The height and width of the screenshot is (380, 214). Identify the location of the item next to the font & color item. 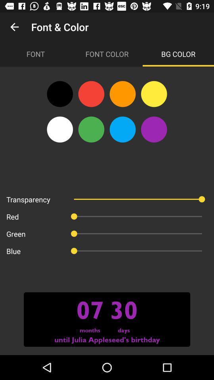
(14, 27).